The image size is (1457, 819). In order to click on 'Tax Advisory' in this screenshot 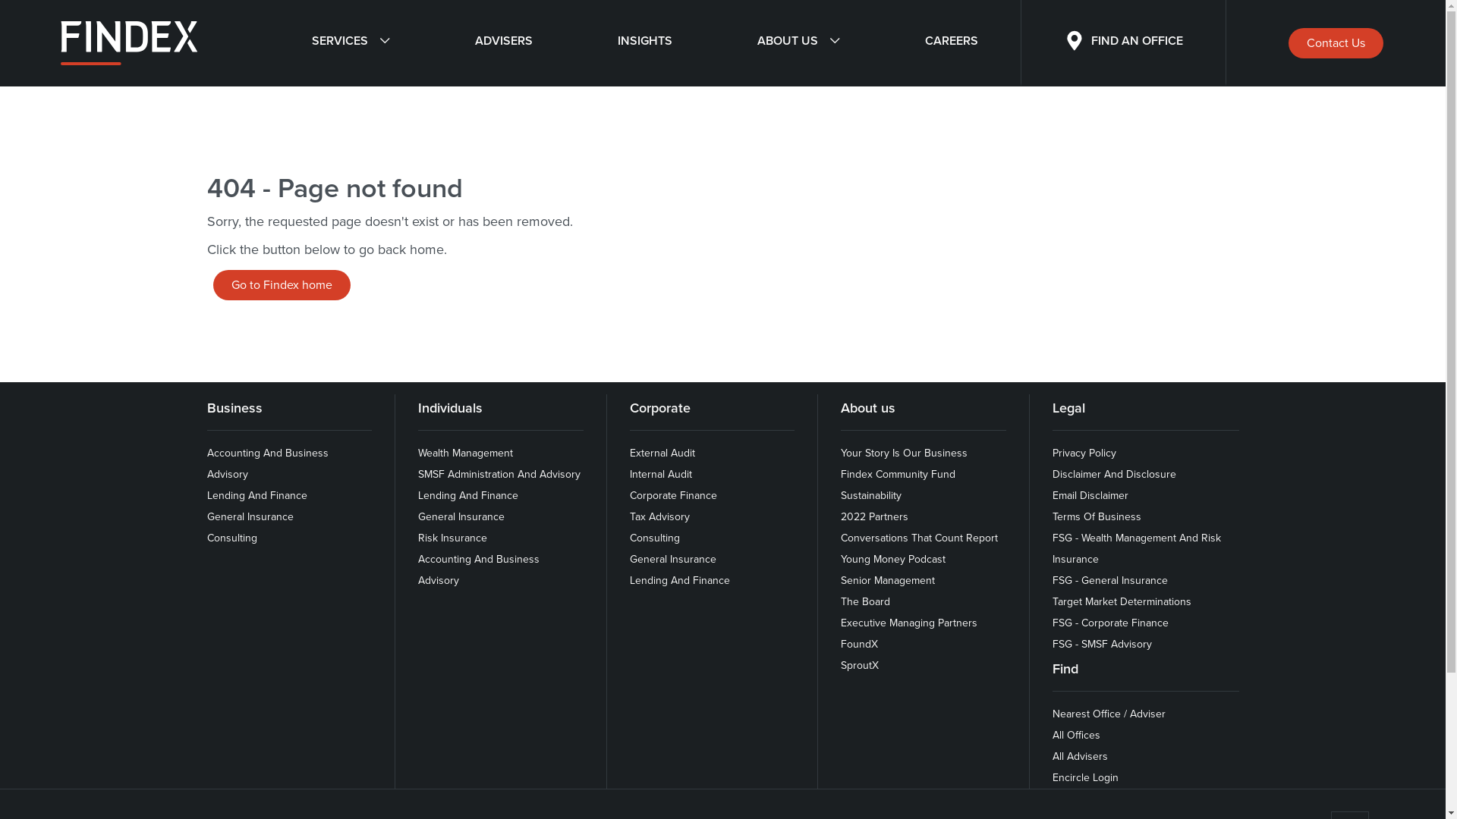, I will do `click(659, 516)`.